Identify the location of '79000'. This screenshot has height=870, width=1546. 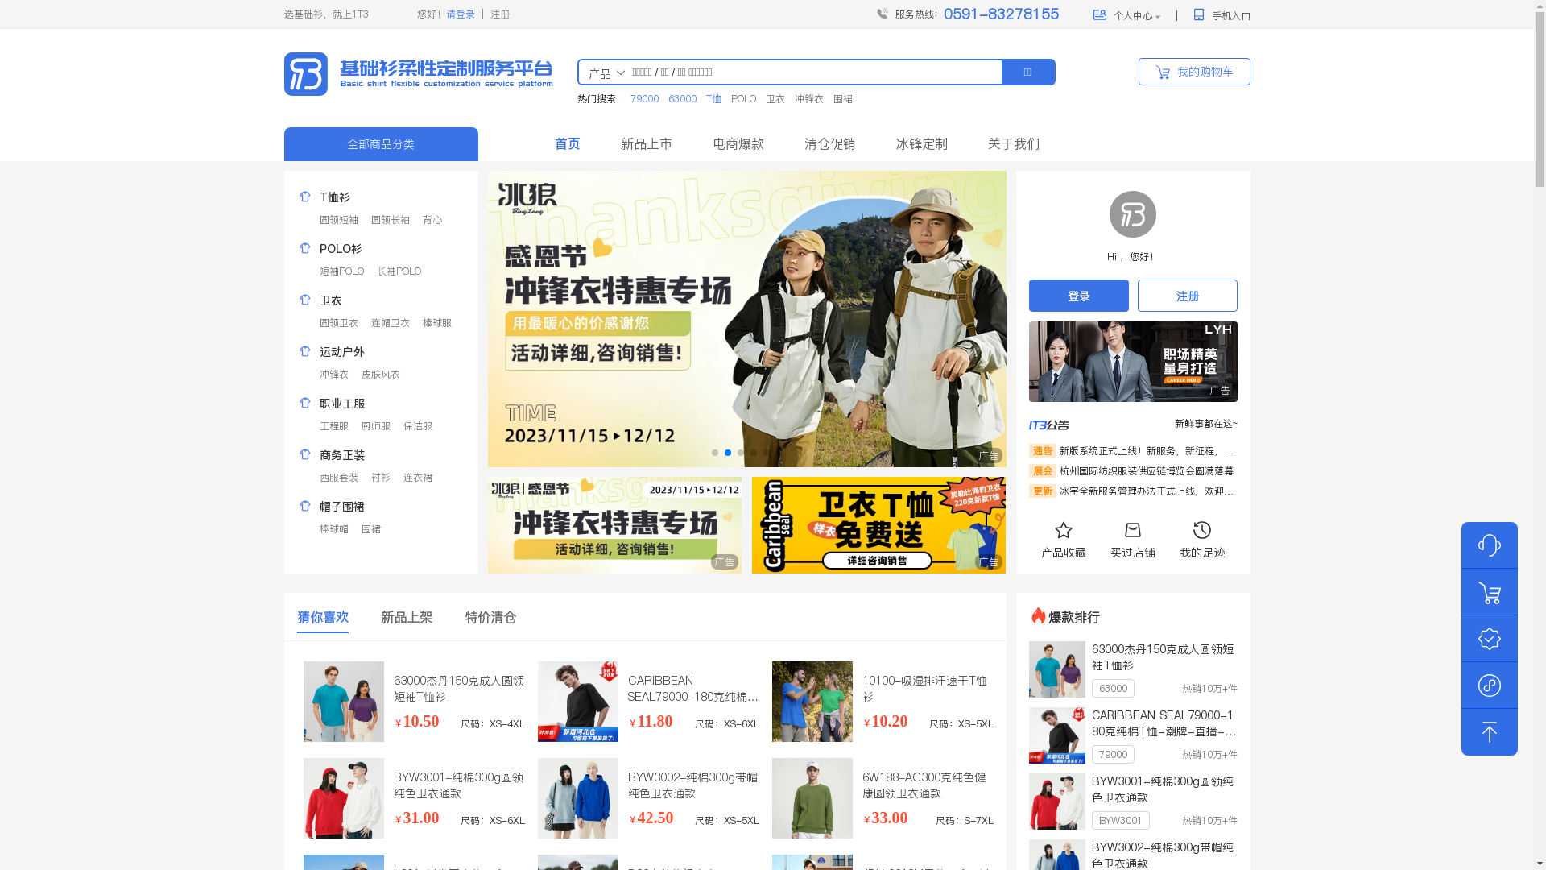
(624, 98).